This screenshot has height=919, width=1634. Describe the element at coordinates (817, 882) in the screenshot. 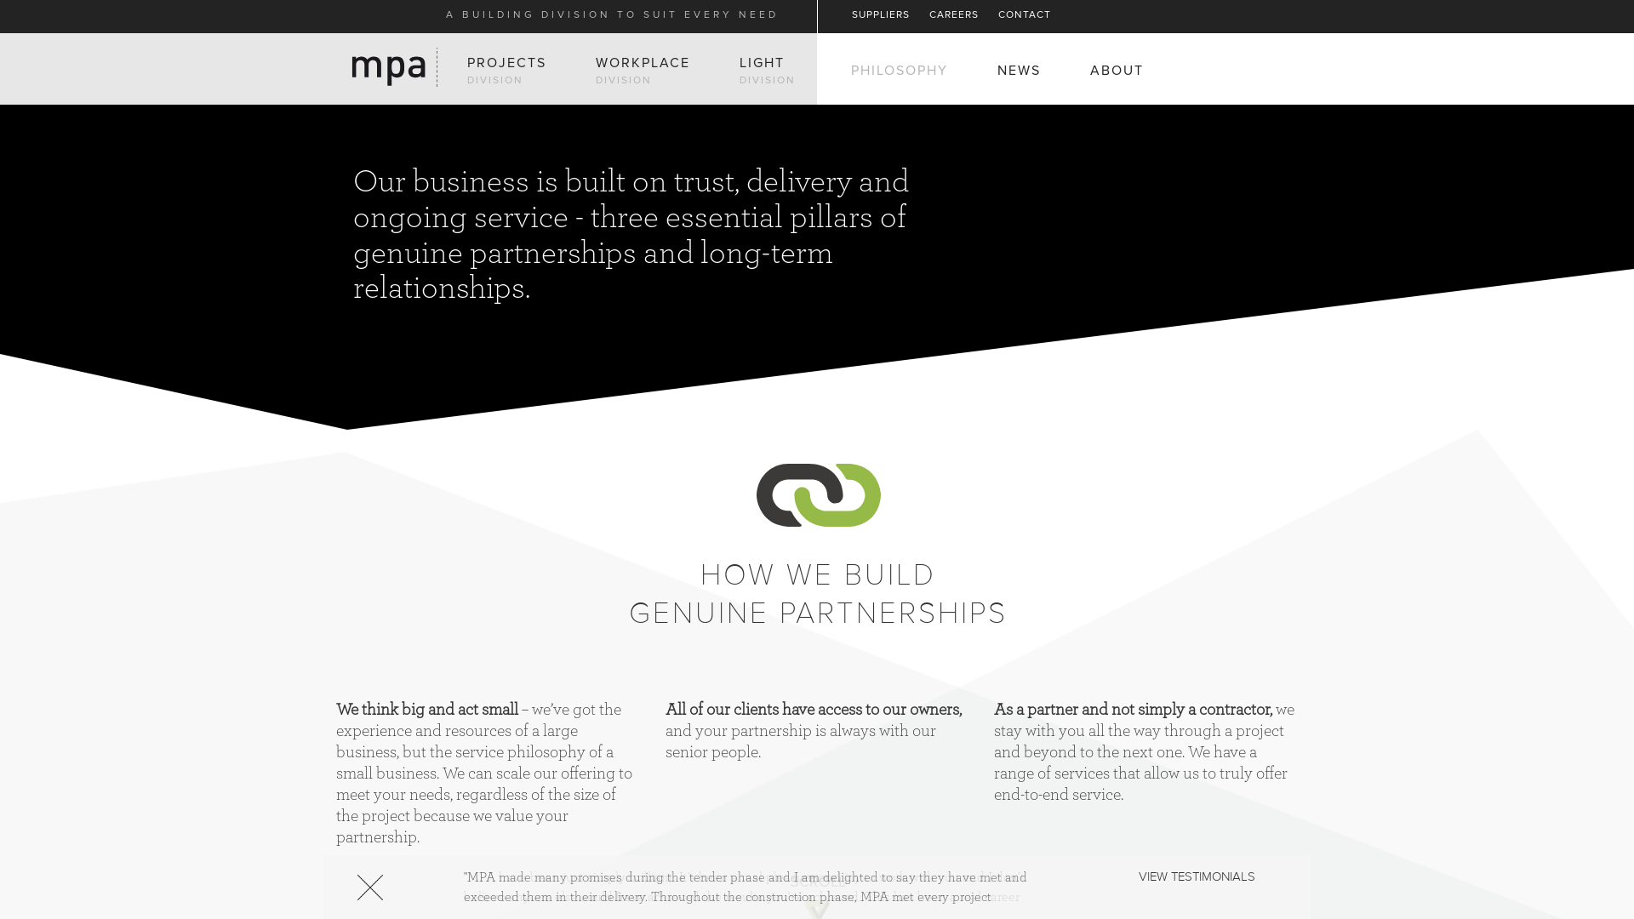

I see `'SCROLL'` at that location.